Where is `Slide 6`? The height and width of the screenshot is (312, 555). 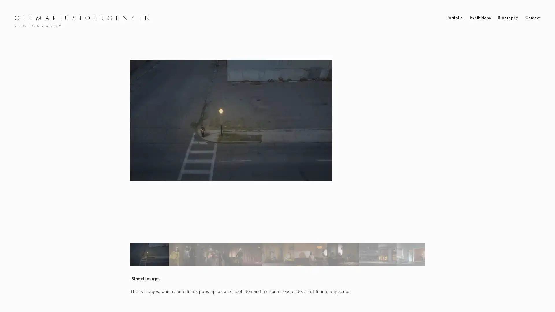
Slide 6 is located at coordinates (310, 254).